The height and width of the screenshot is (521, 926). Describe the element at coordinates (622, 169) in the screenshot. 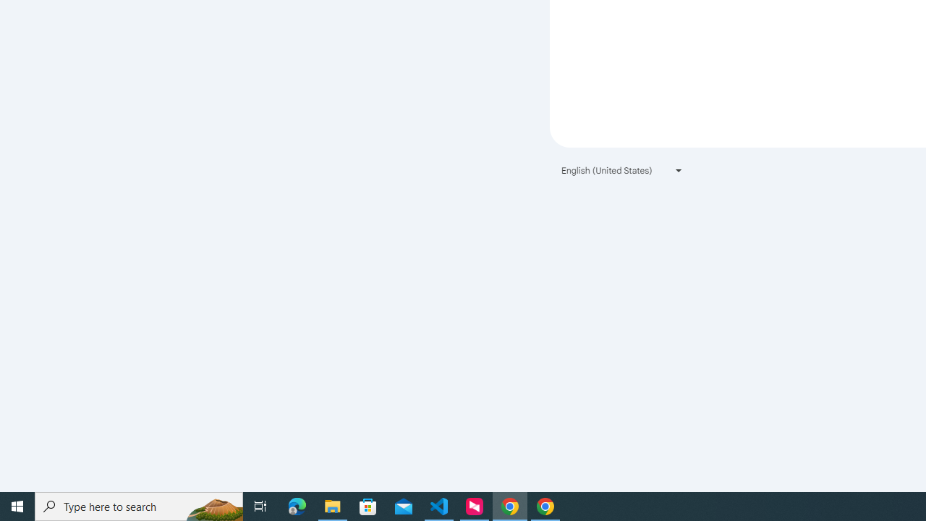

I see `'English (United States)'` at that location.